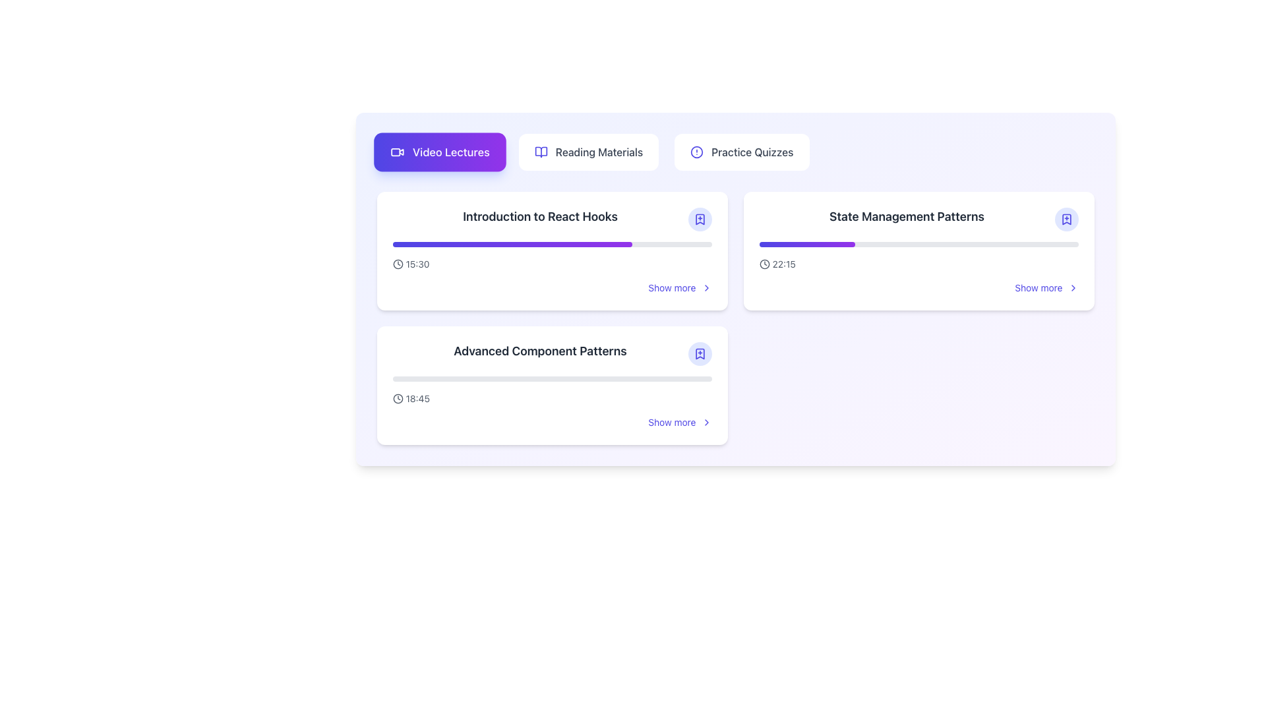 The width and height of the screenshot is (1266, 712). What do you see at coordinates (906, 216) in the screenshot?
I see `the text label displaying the title 'State Management Patterns' located in the rightmost card in a row of three cards, positioned in the right-top portion of the card above the progress bar` at bounding box center [906, 216].